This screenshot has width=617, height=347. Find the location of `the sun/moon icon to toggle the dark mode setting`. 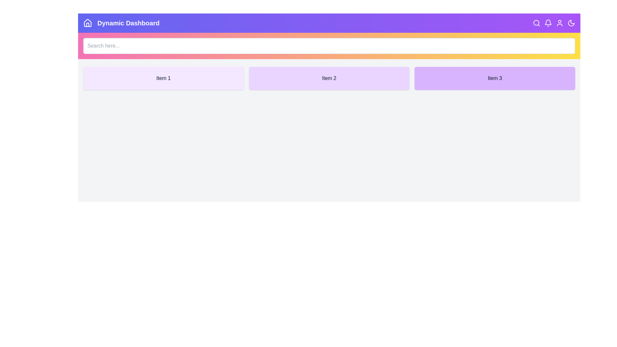

the sun/moon icon to toggle the dark mode setting is located at coordinates (571, 23).